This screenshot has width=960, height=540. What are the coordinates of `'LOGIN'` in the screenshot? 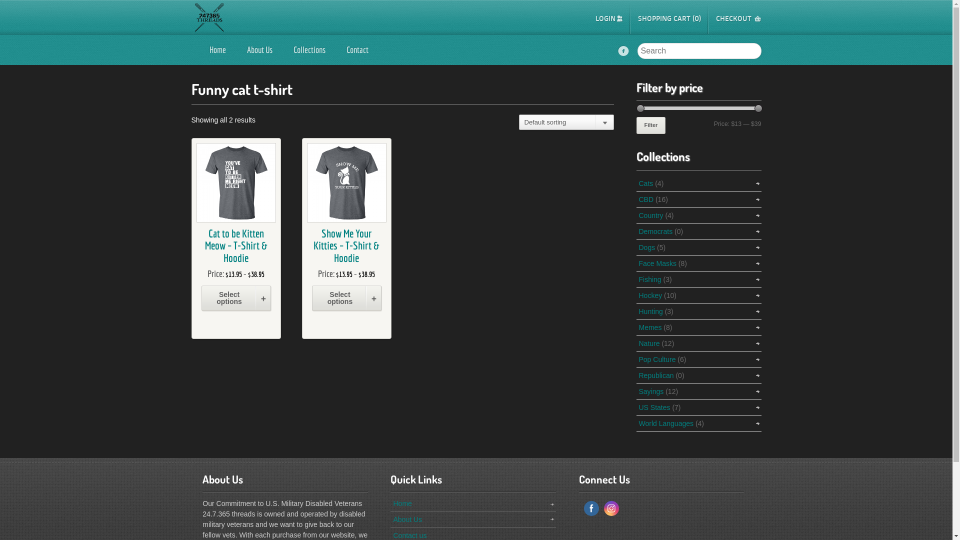 It's located at (608, 18).